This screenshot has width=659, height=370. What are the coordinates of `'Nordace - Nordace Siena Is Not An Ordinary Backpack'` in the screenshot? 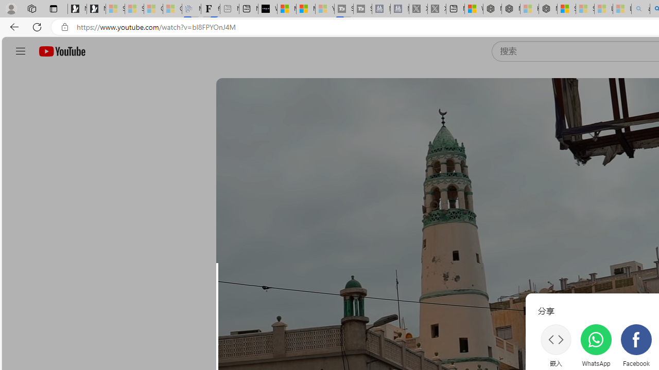 It's located at (547, 9).